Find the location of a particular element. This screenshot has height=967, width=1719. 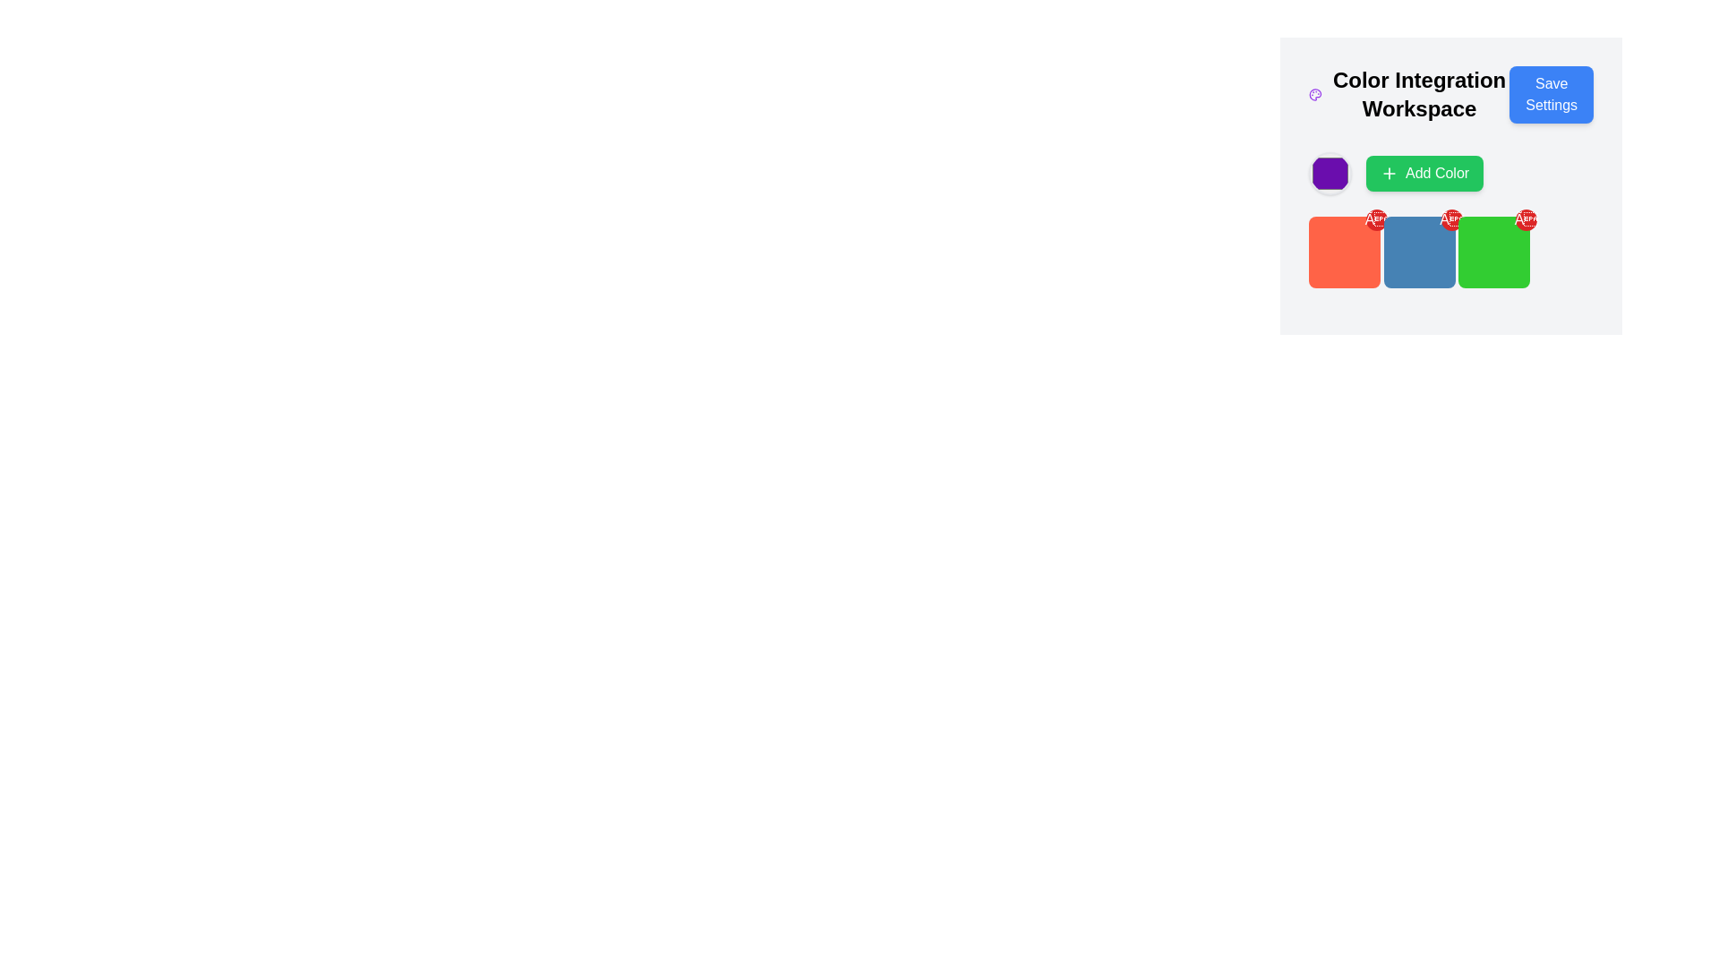

the 'Add Color' button, which is a green button with rounded corners featuring a white plus icon and centered white bold text is located at coordinates (1424, 173).